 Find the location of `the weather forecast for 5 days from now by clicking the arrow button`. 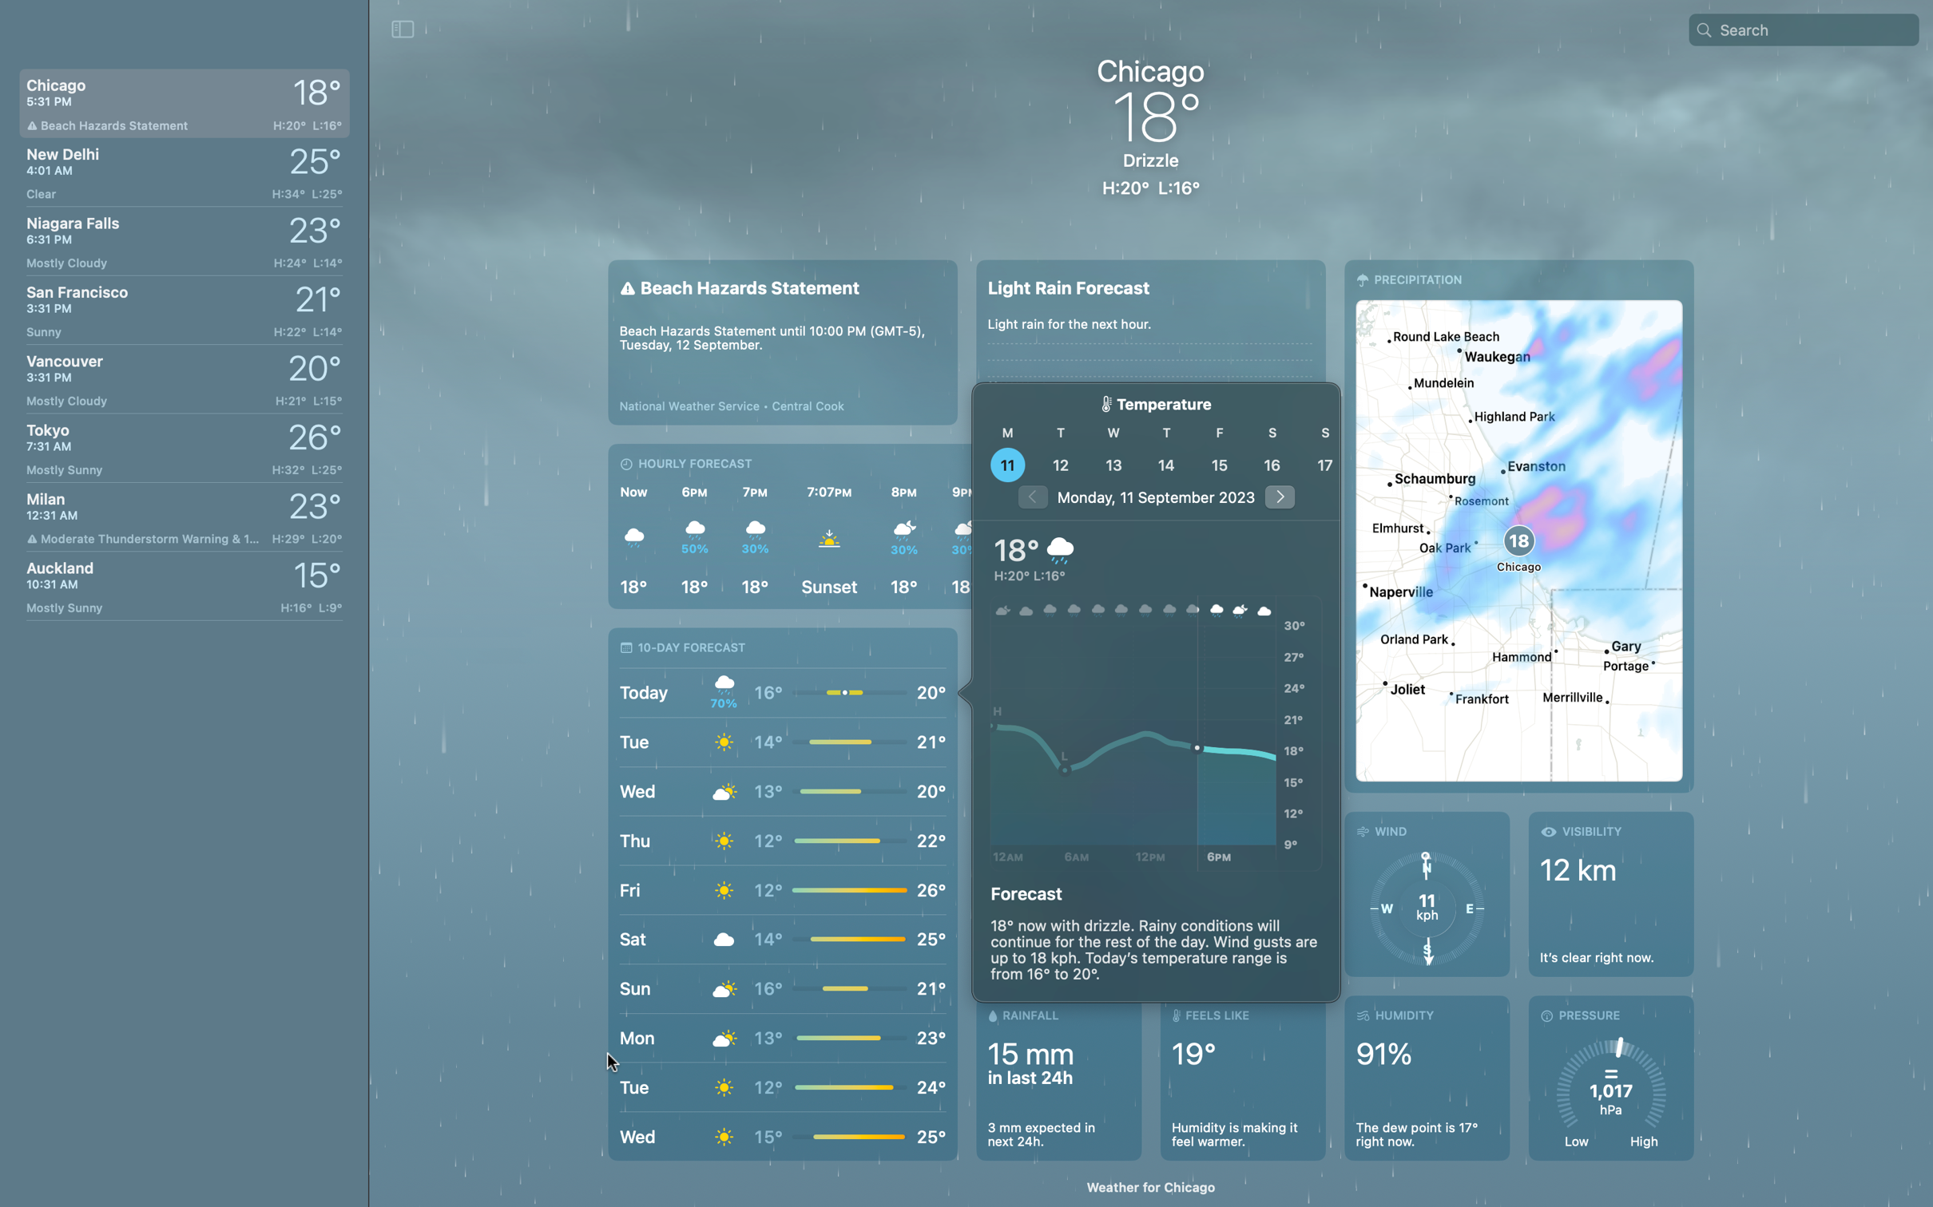

the weather forecast for 5 days from now by clicking the arrow button is located at coordinates (1278, 496).